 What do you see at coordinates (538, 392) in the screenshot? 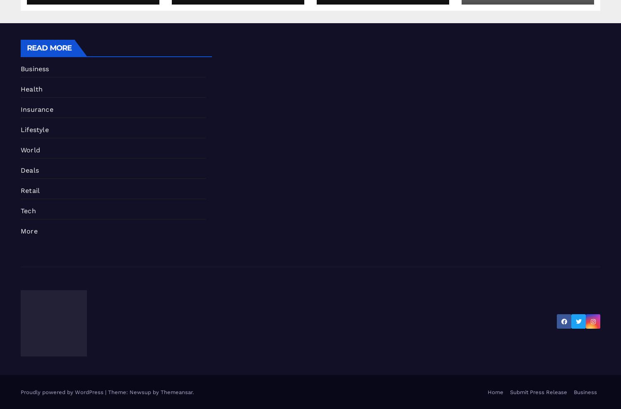
I see `'Submit Press Release'` at bounding box center [538, 392].